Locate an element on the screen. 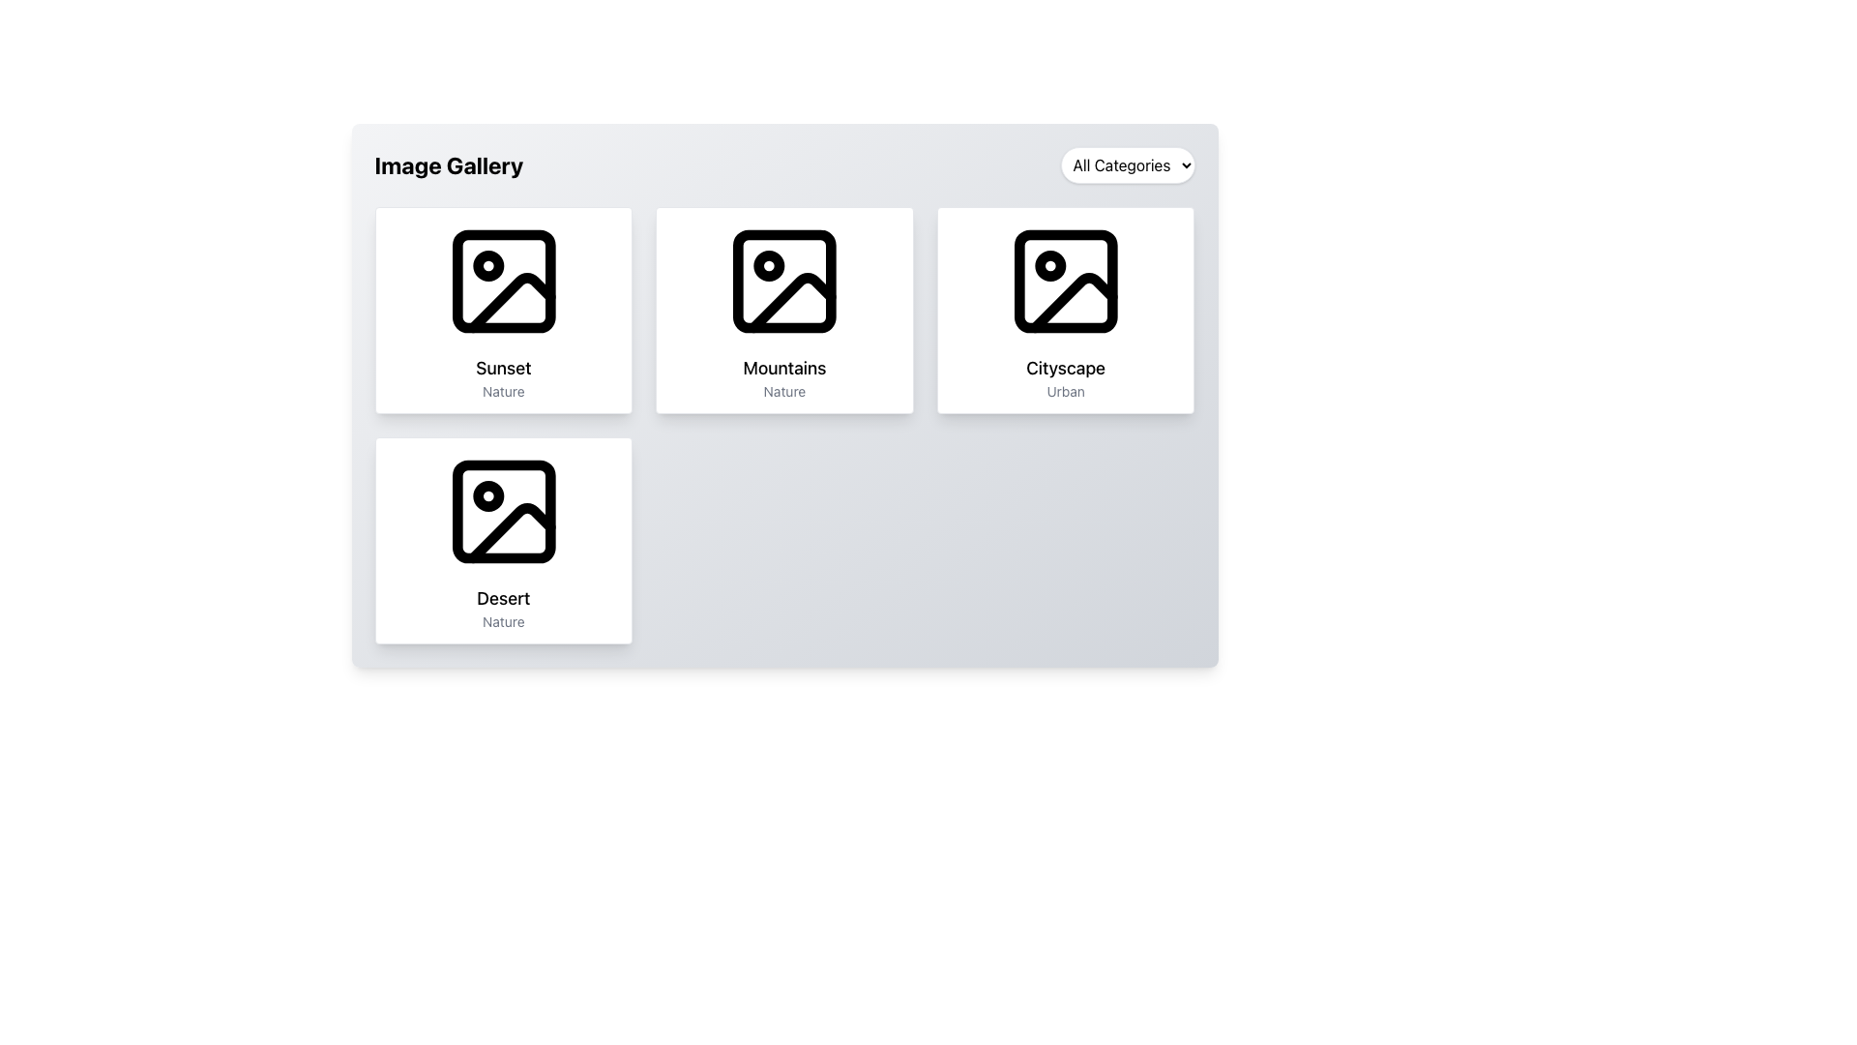  the wireframe image icon located in the card labeled 'Sunset' with the subtitle 'Nature' is located at coordinates (503, 281).